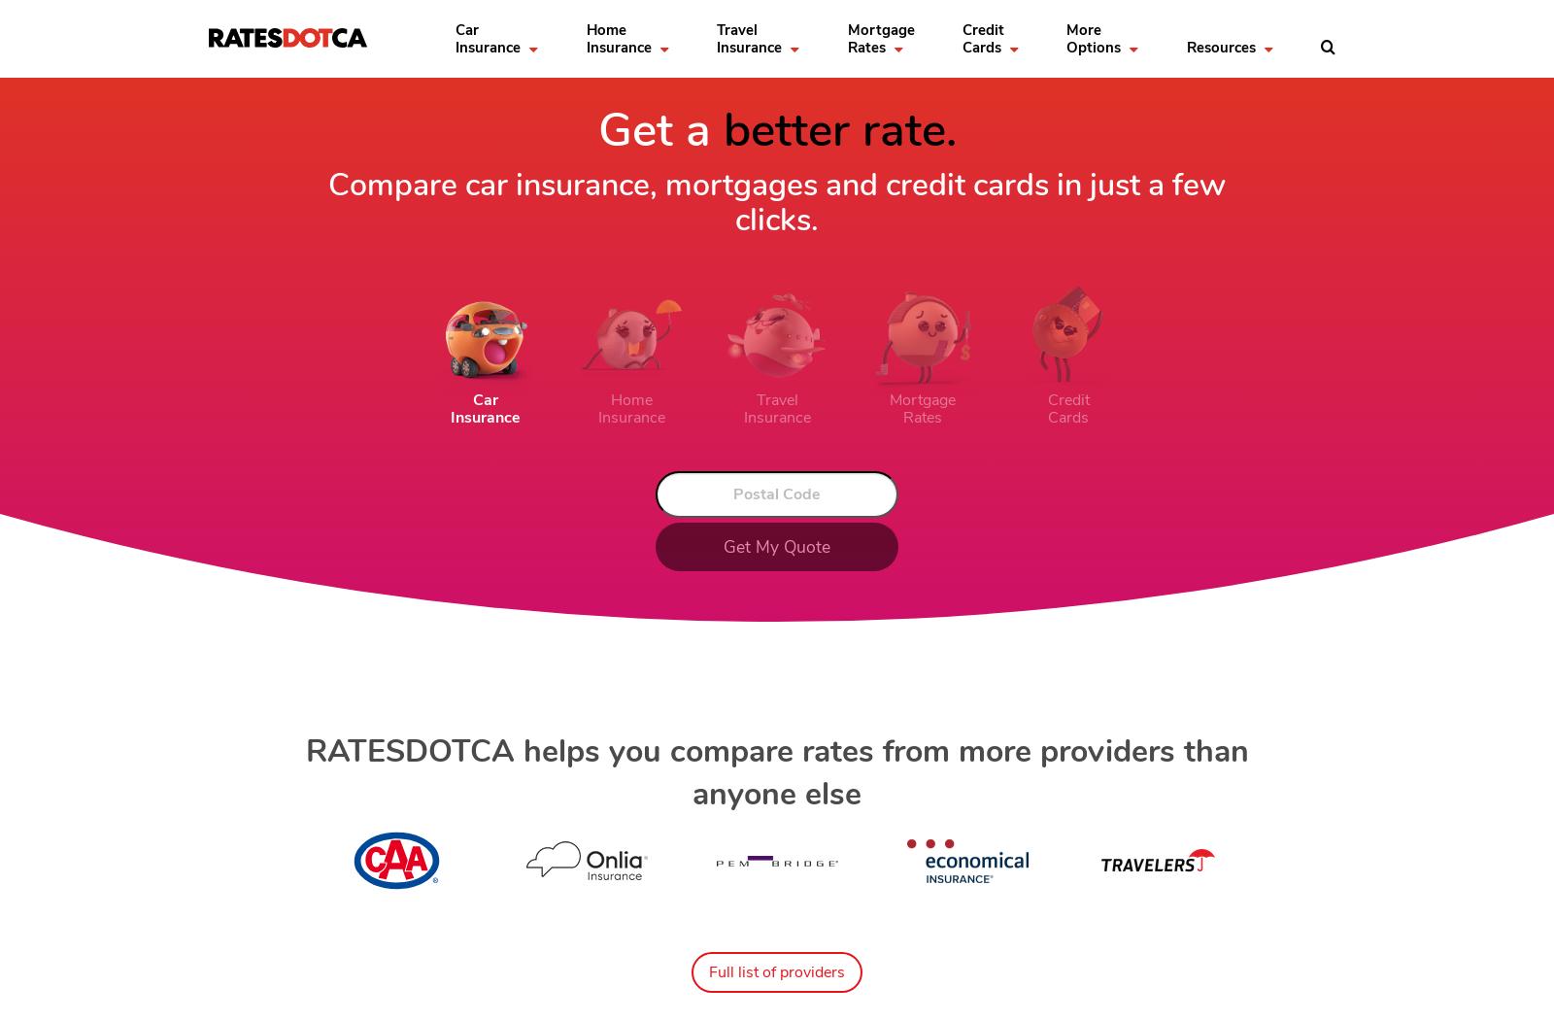  Describe the element at coordinates (777, 201) in the screenshot. I see `'Compare car insurance, mortgages and credit cards in just a few clicks.'` at that location.